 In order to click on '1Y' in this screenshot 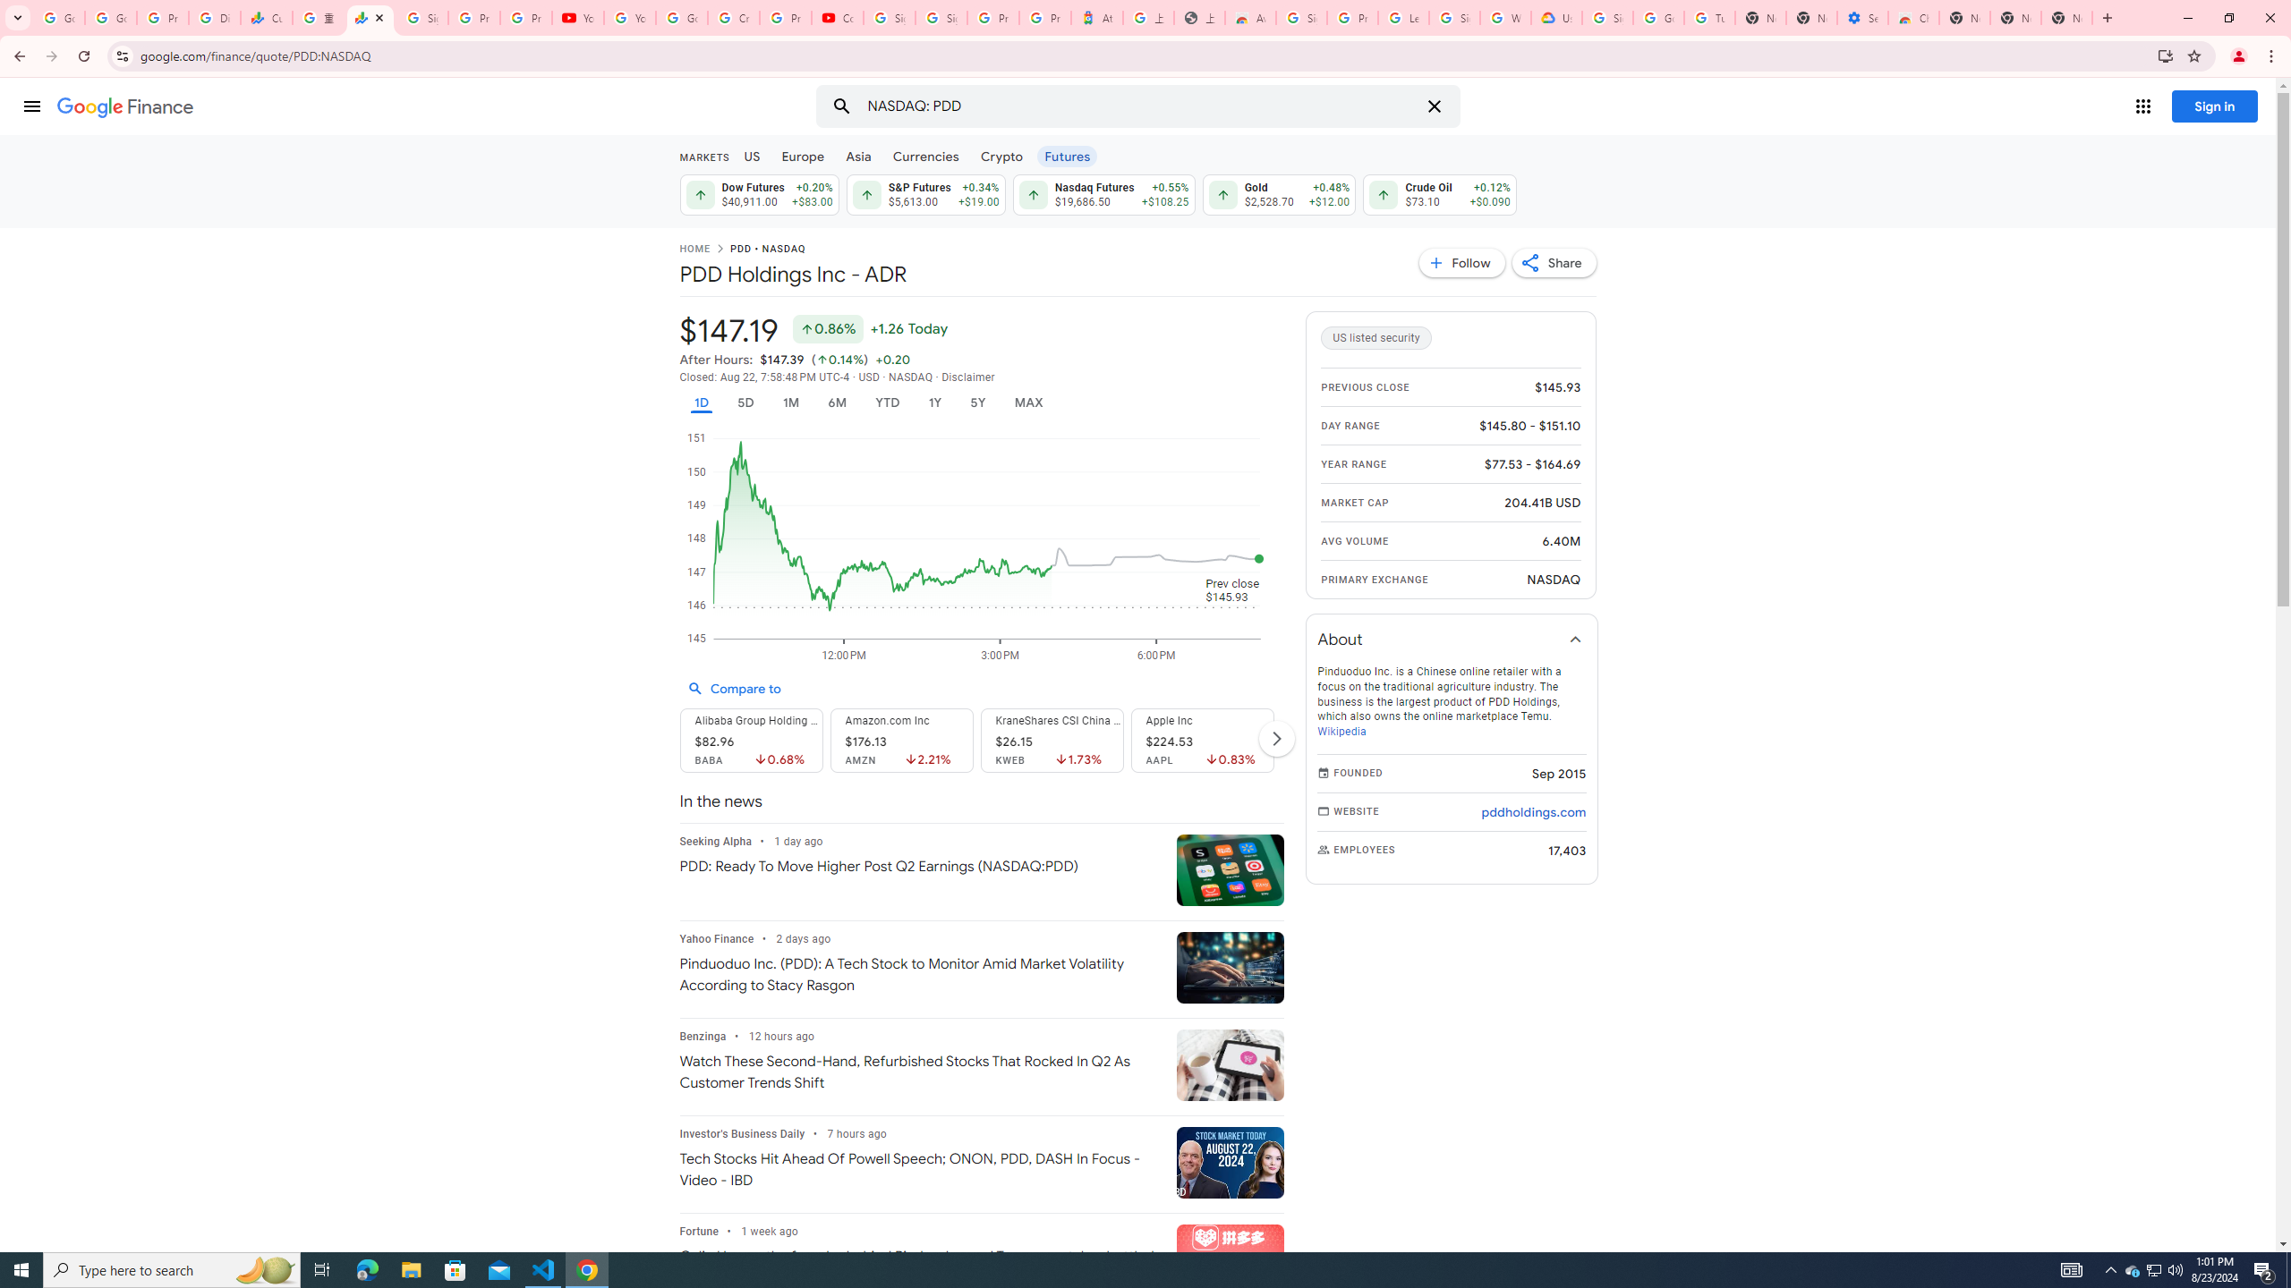, I will do `click(934, 402)`.